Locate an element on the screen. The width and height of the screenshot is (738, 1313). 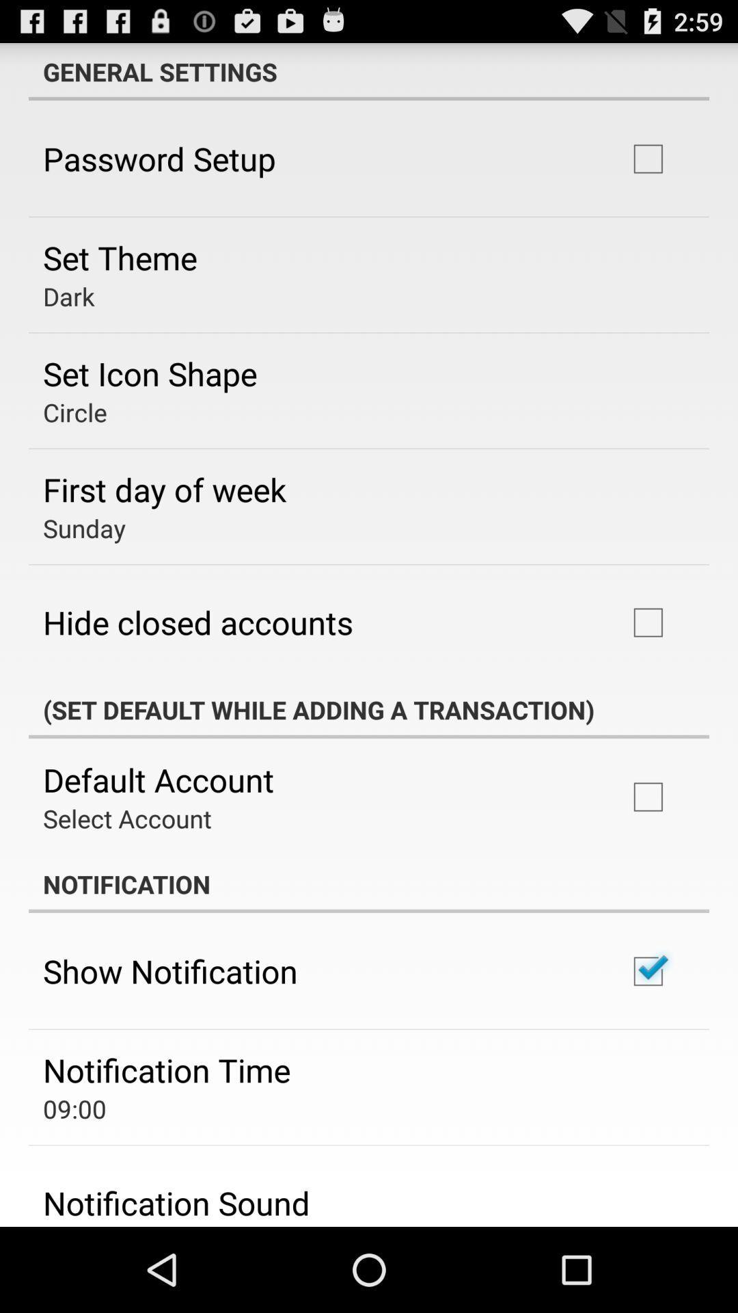
set icon shape item is located at coordinates (150, 373).